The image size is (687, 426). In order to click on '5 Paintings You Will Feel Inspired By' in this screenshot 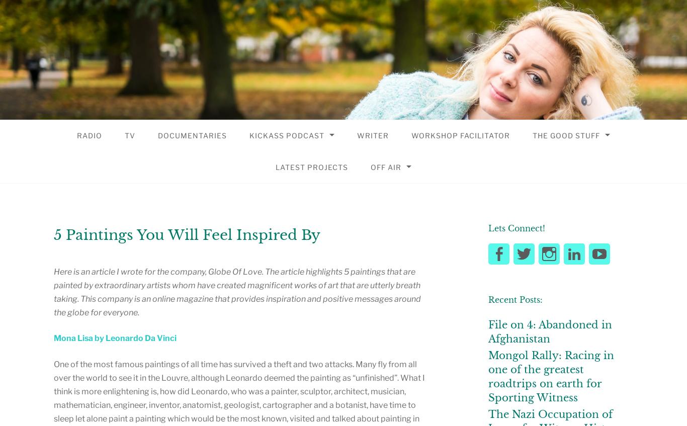, I will do `click(53, 234)`.